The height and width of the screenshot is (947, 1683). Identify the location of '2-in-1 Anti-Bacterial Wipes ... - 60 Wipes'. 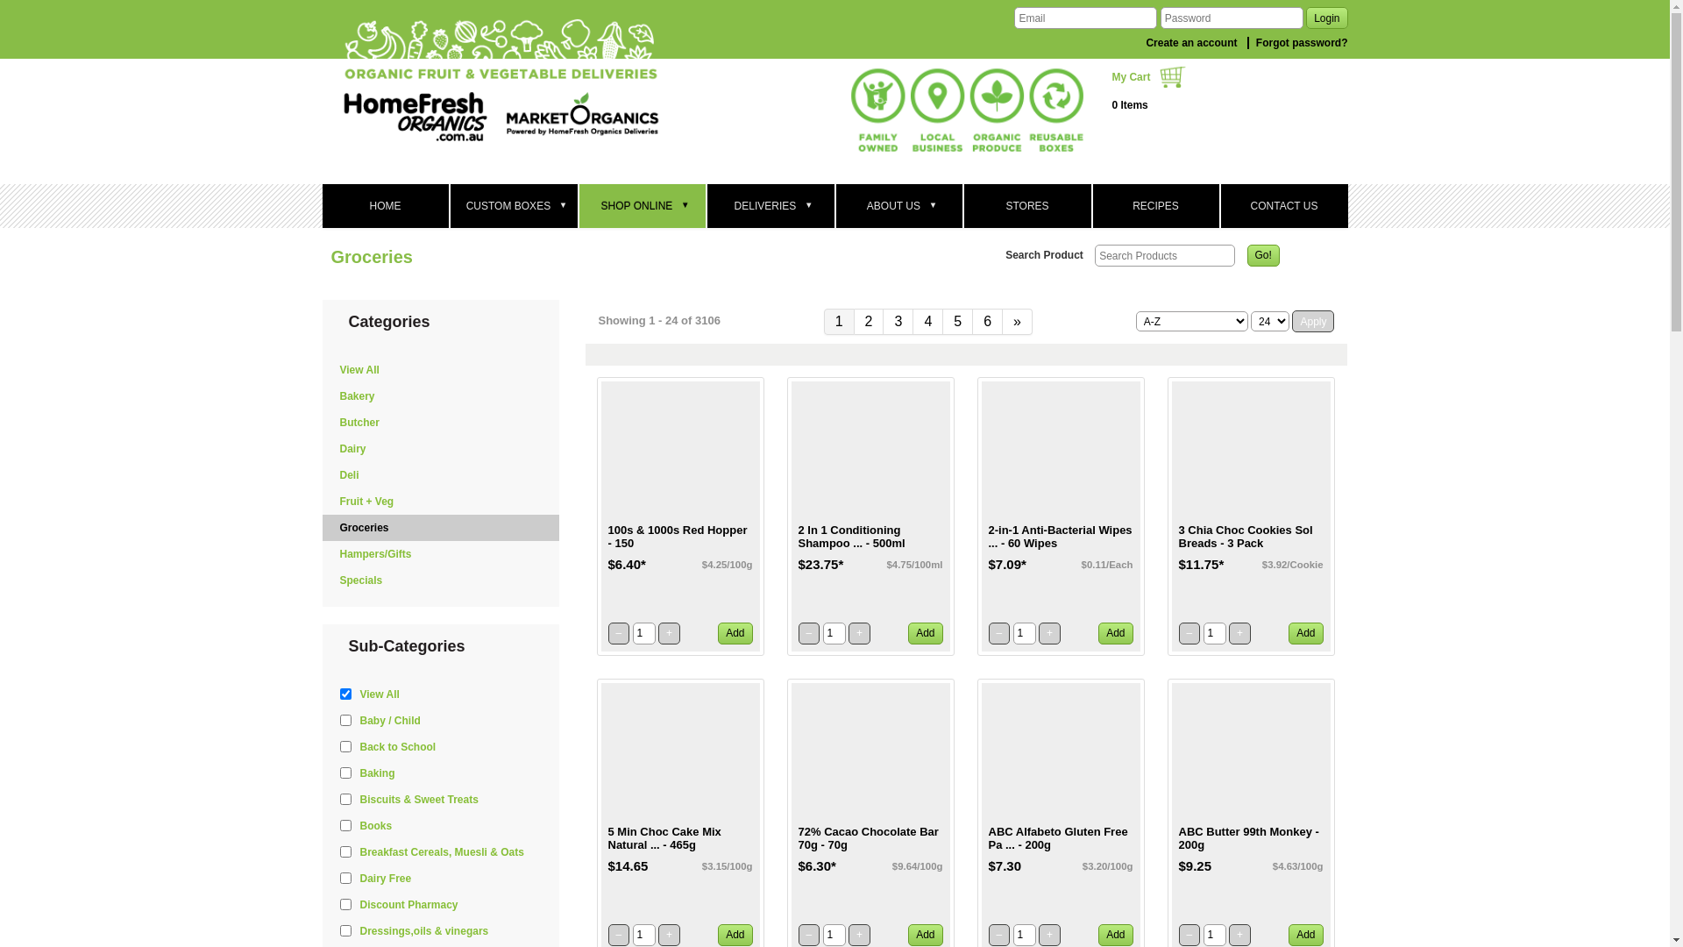
(1060, 537).